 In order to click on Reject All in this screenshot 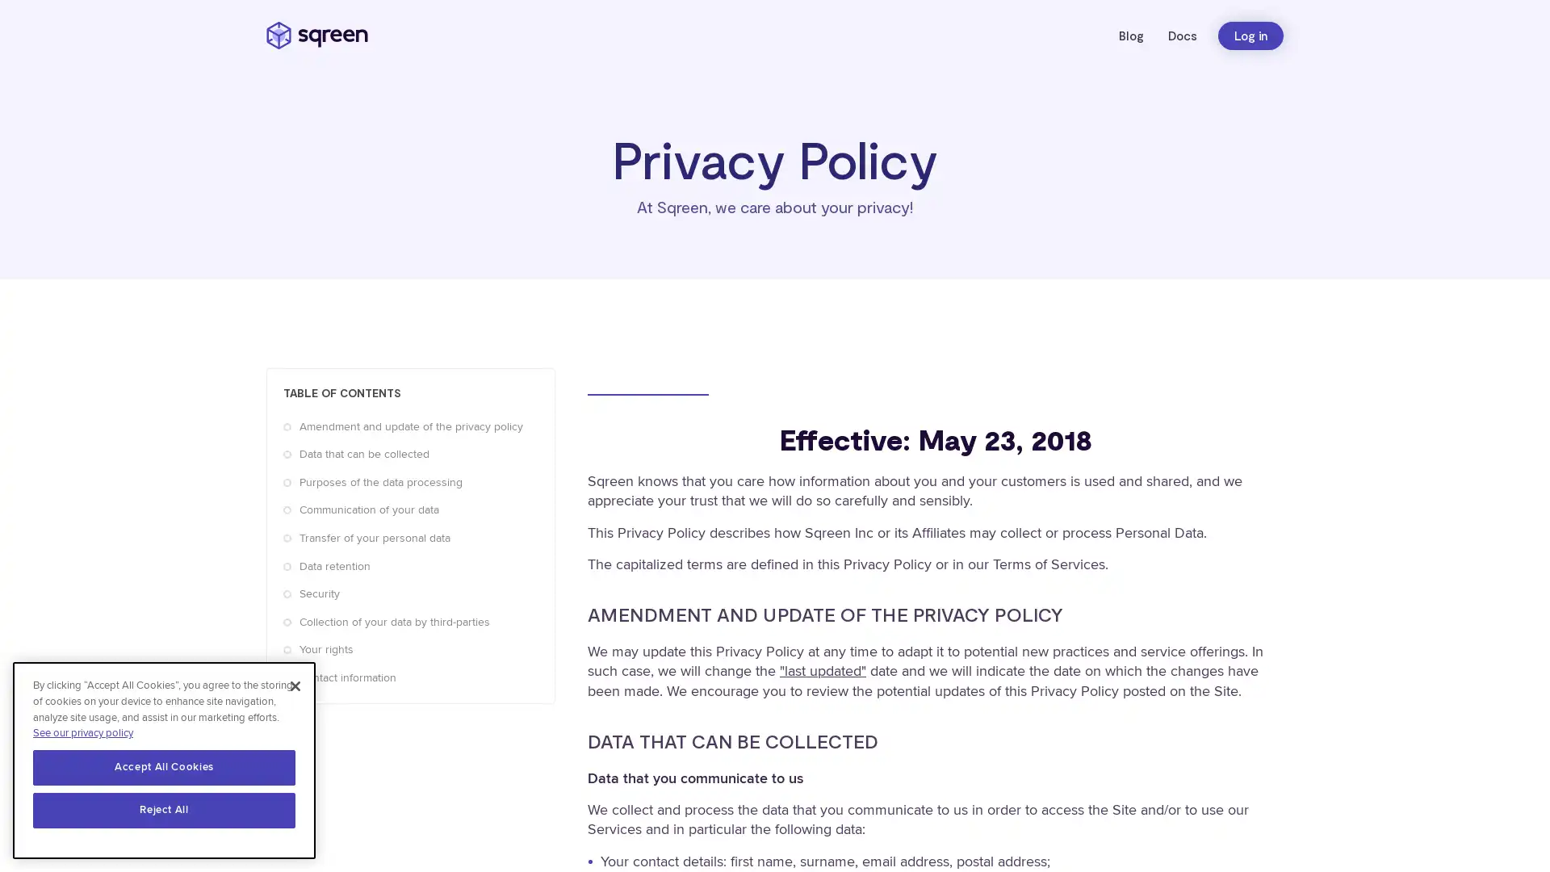, I will do `click(164, 811)`.